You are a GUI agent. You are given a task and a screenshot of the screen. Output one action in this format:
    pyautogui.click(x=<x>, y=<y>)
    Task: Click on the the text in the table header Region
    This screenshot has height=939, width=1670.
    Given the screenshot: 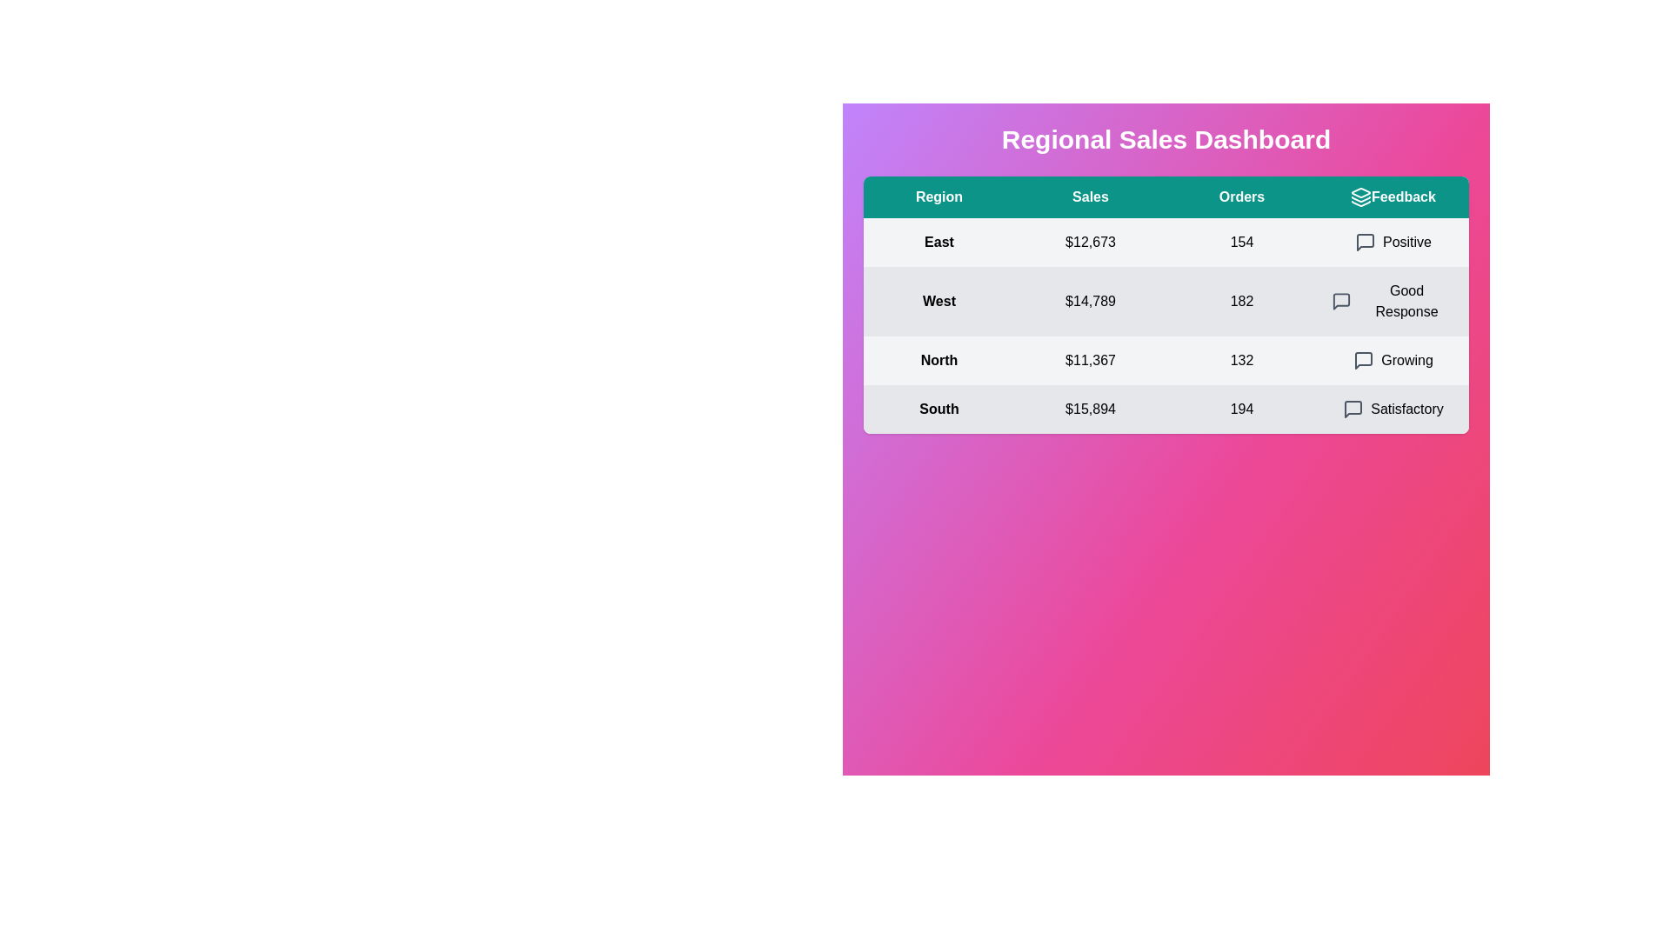 What is the action you would take?
    pyautogui.click(x=939, y=196)
    